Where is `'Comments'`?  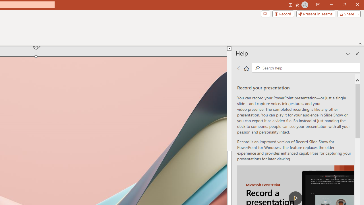 'Comments' is located at coordinates (265, 13).